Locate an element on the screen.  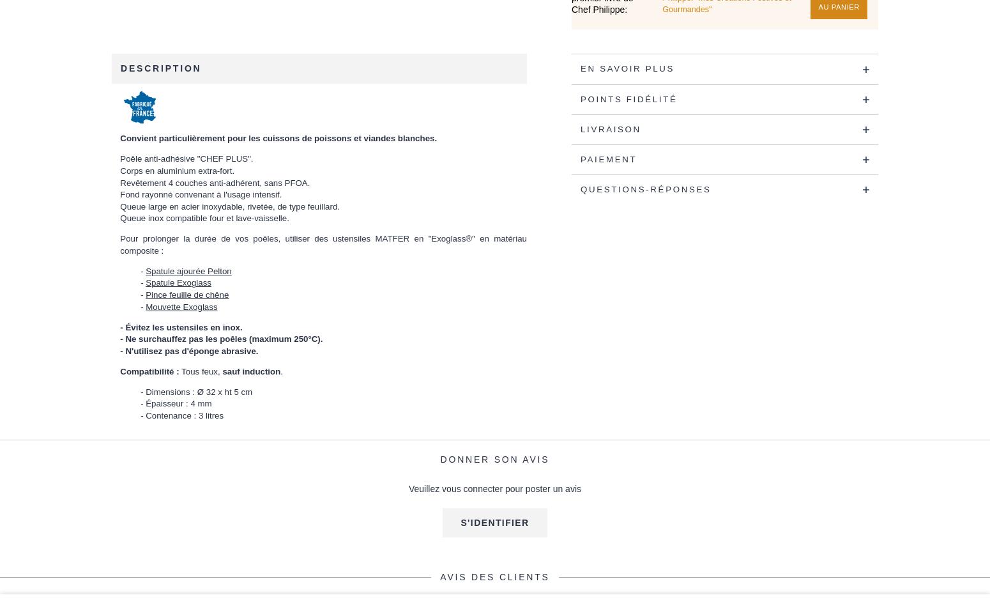
'Questions-Réponses' is located at coordinates (646, 189).